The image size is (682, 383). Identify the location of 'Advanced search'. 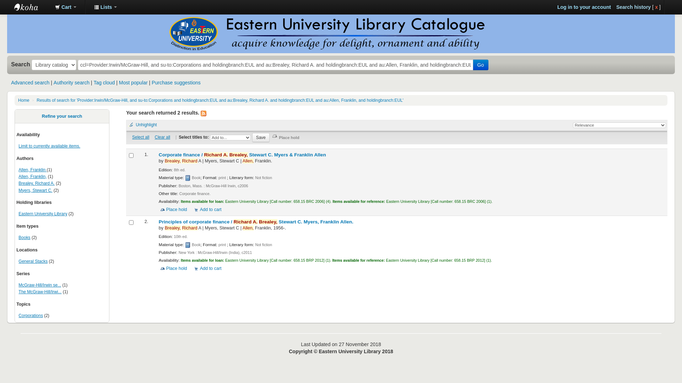
(11, 82).